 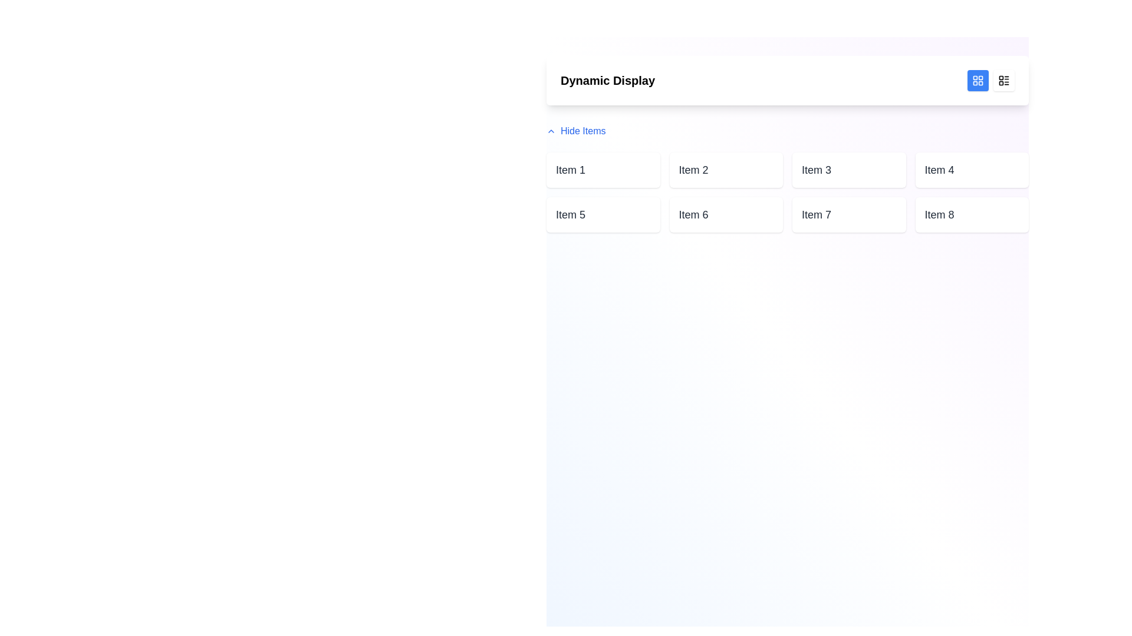 What do you see at coordinates (978, 80) in the screenshot?
I see `the blue square-shaped button with a grid-like icon in the middle to switch to grid layout` at bounding box center [978, 80].